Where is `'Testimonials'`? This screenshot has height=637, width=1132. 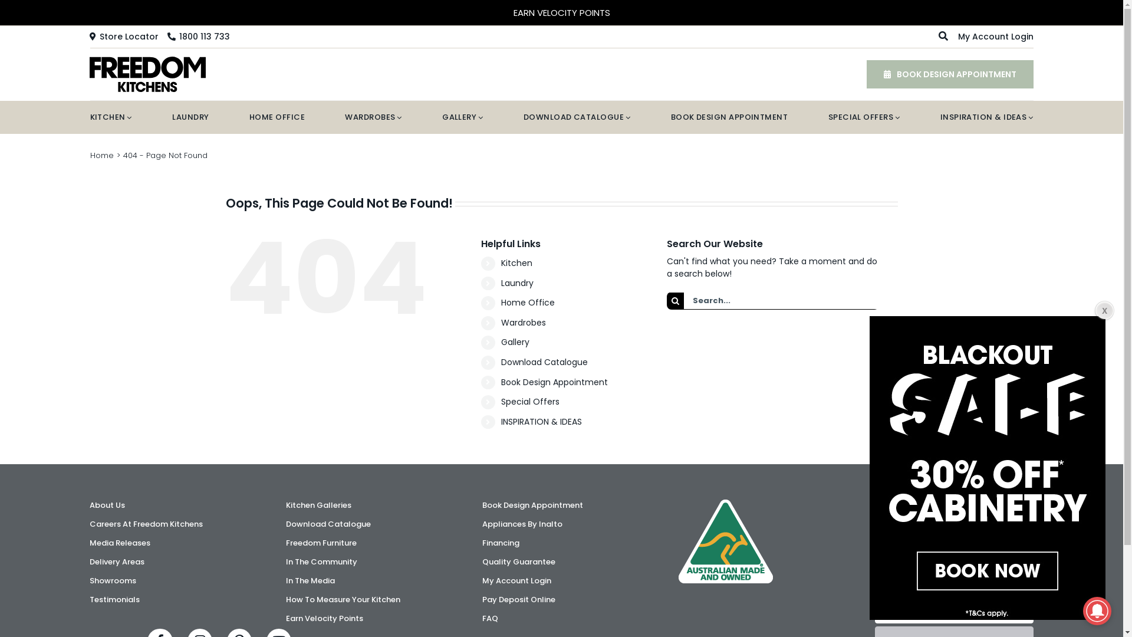
'Testimonials' is located at coordinates (168, 600).